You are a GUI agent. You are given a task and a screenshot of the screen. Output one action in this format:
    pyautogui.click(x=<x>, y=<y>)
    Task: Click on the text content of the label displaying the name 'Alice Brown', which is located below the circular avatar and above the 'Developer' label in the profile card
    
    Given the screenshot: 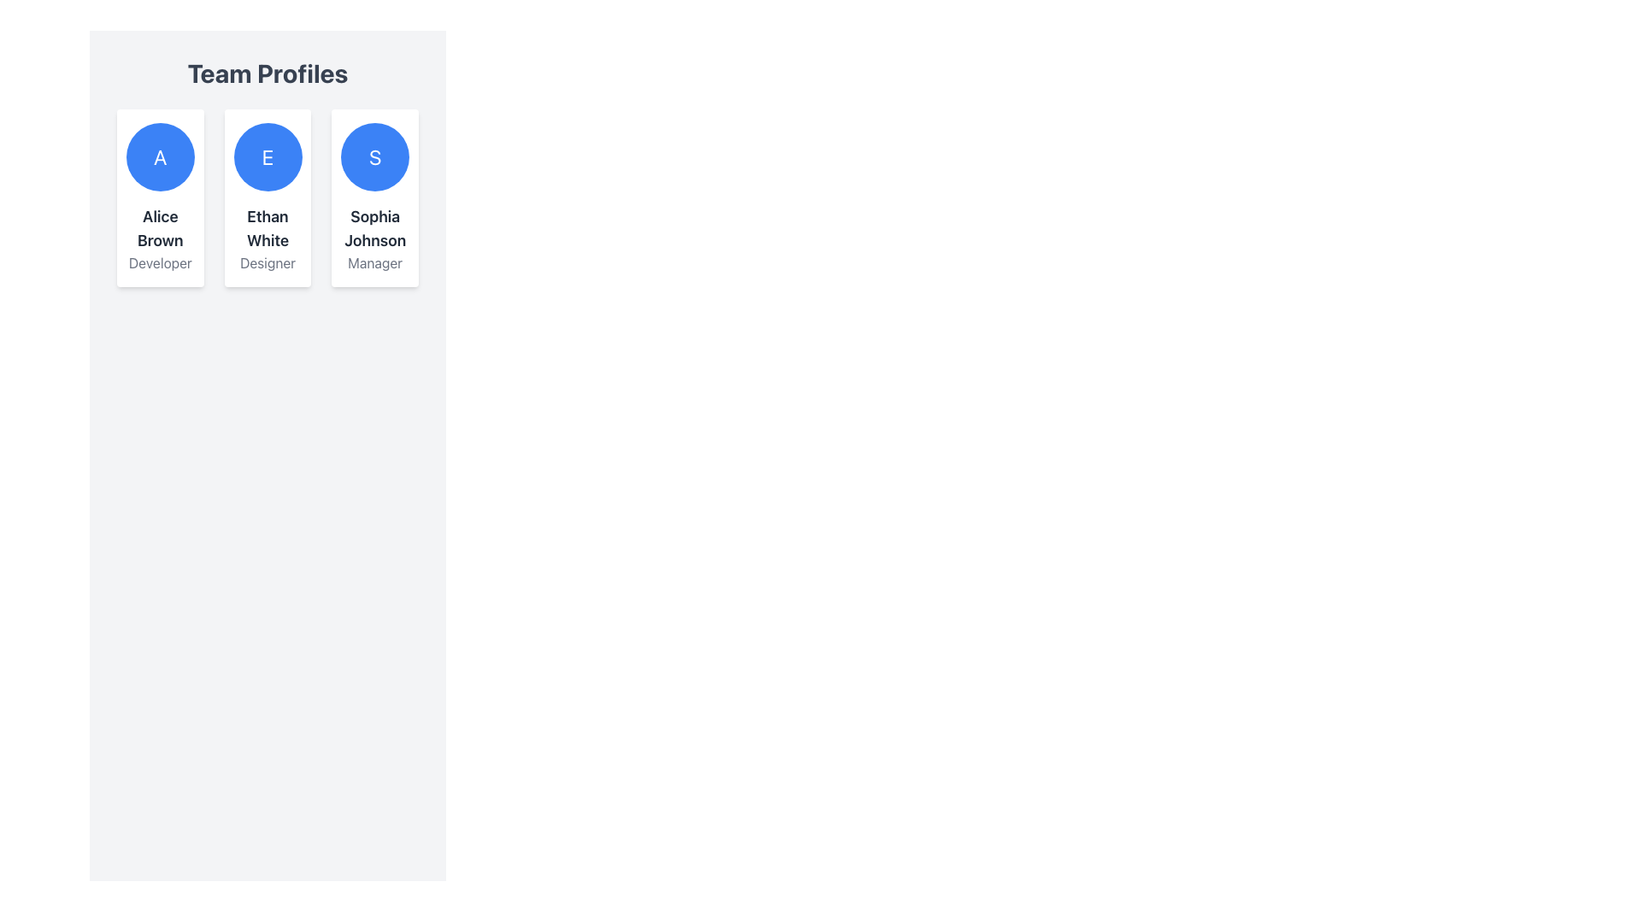 What is the action you would take?
    pyautogui.click(x=160, y=227)
    